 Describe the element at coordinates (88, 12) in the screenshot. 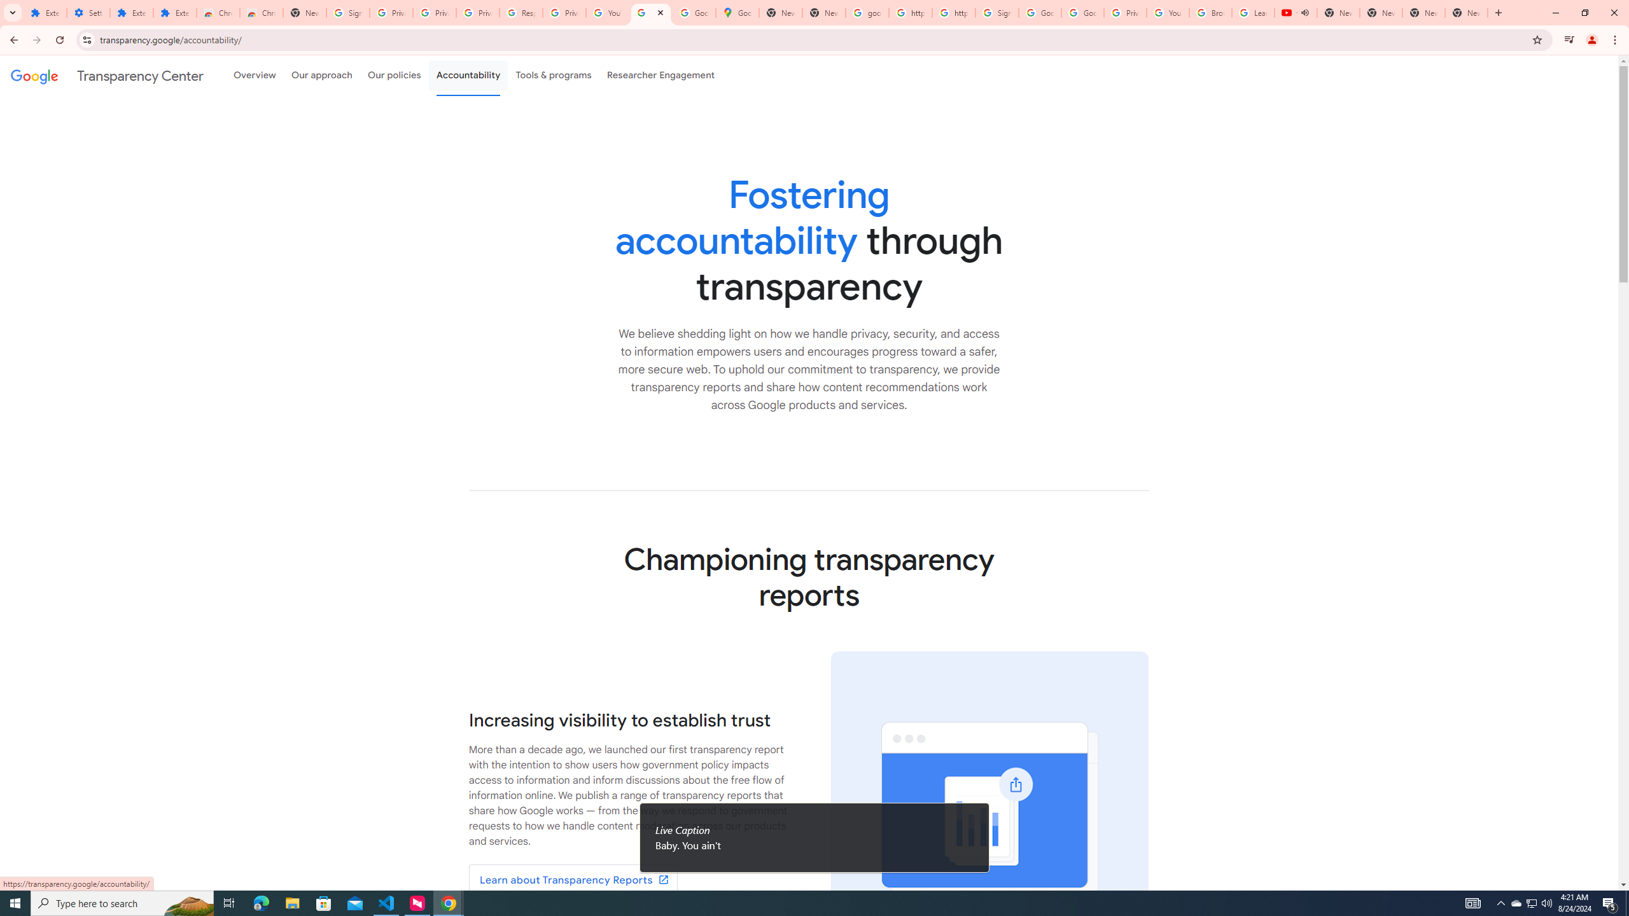

I see `'Settings'` at that location.